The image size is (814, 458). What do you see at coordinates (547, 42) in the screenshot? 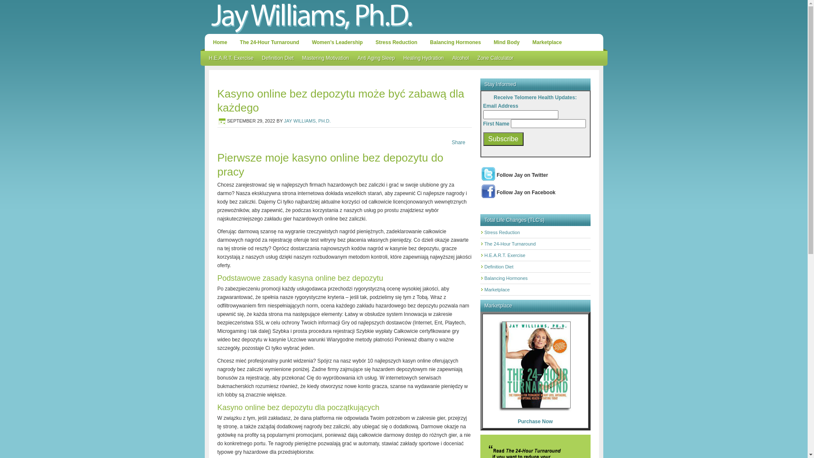
I see `'Marketplace'` at bounding box center [547, 42].